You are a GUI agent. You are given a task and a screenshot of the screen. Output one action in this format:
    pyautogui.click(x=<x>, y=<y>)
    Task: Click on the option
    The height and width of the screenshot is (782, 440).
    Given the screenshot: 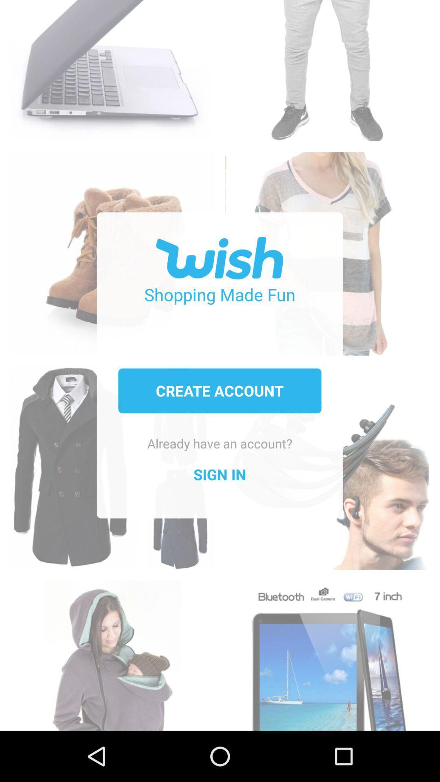 What is the action you would take?
    pyautogui.click(x=326, y=66)
    